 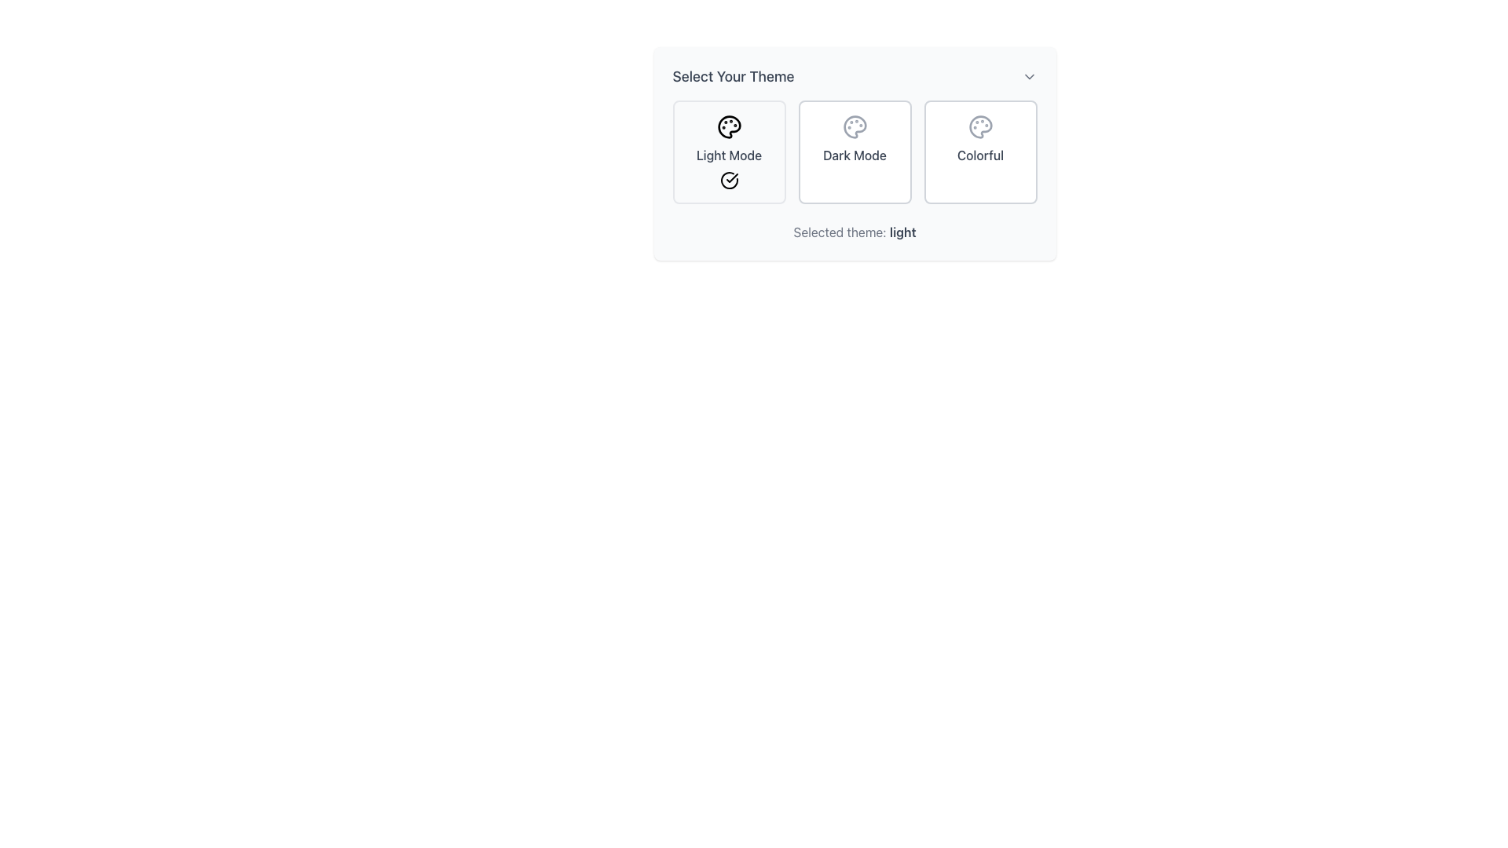 What do you see at coordinates (1029, 76) in the screenshot?
I see `the downward-pointing chevron icon indicating a dropdown` at bounding box center [1029, 76].